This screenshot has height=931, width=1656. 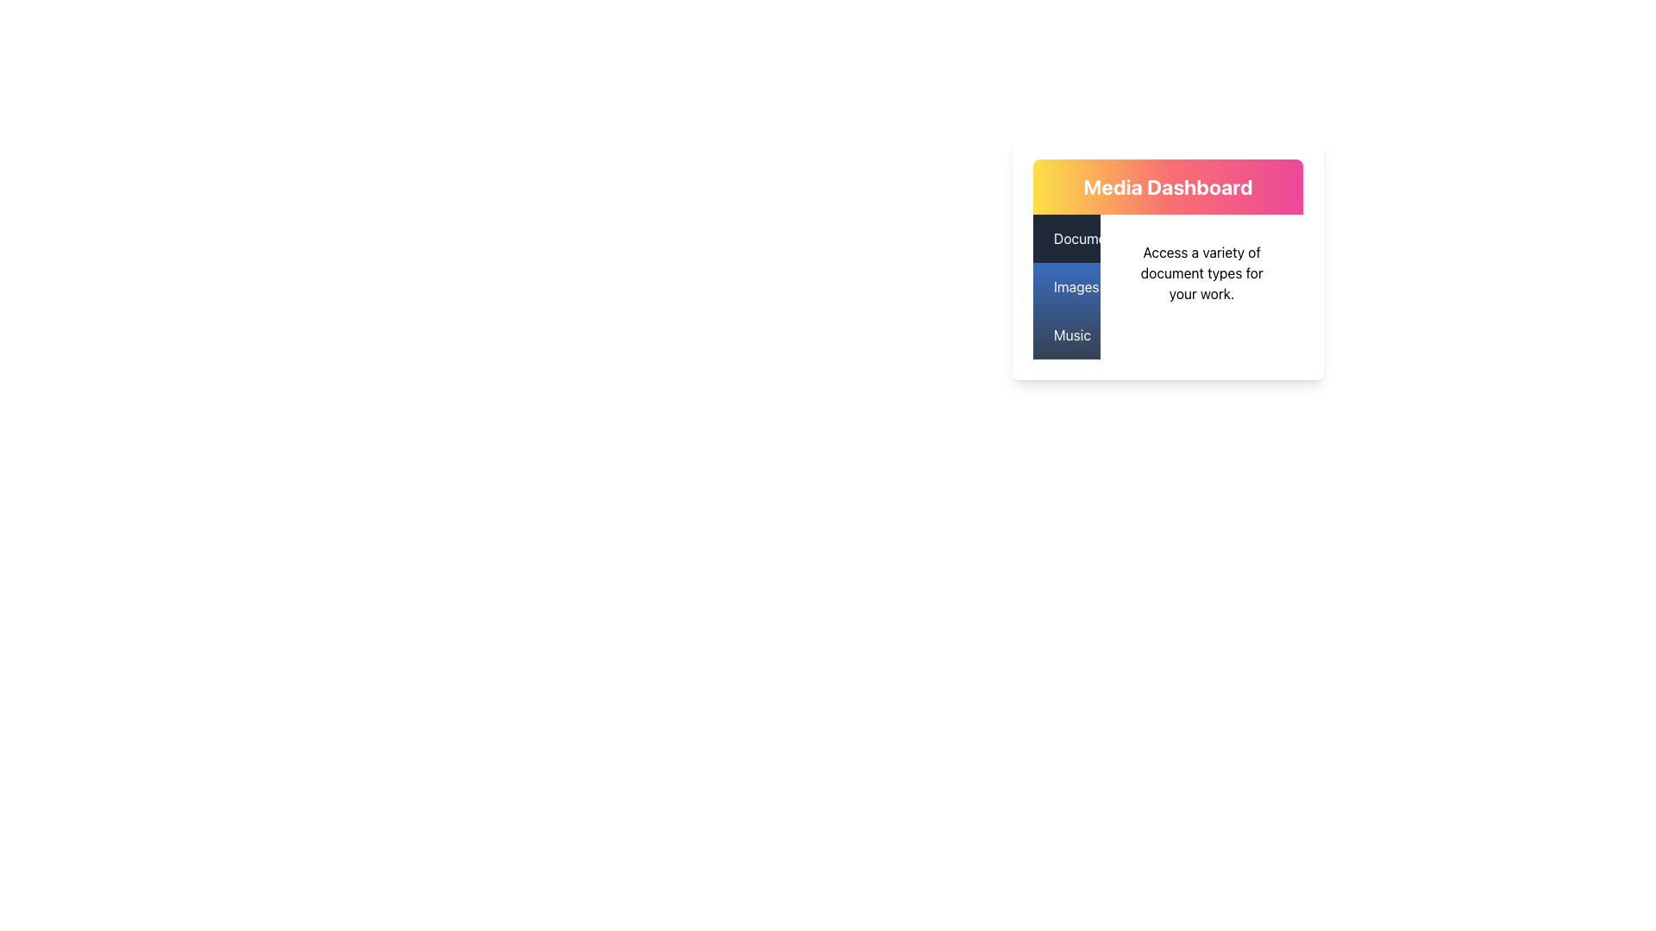 I want to click on the 'Images' navigation menu item, so click(x=1066, y=285).